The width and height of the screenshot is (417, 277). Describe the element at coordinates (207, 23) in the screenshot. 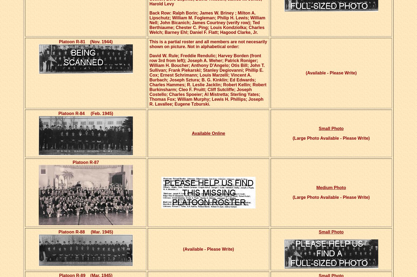

I see `'Back Row:  Ralph Borin;  James W. Briney ;  Milton A. Lipschutz;  William M. Fogleman;  Philip H. Lewis;  William Nell; John Bicanich;  James Courtney (verify row);  Ted Berthiaume;  Chester C. Ping;  Louis Kondziolka;  Charles Welch;  Barney Ehl; Daniel F. Flatt;  Hagood Clarke, Jr.'` at that location.